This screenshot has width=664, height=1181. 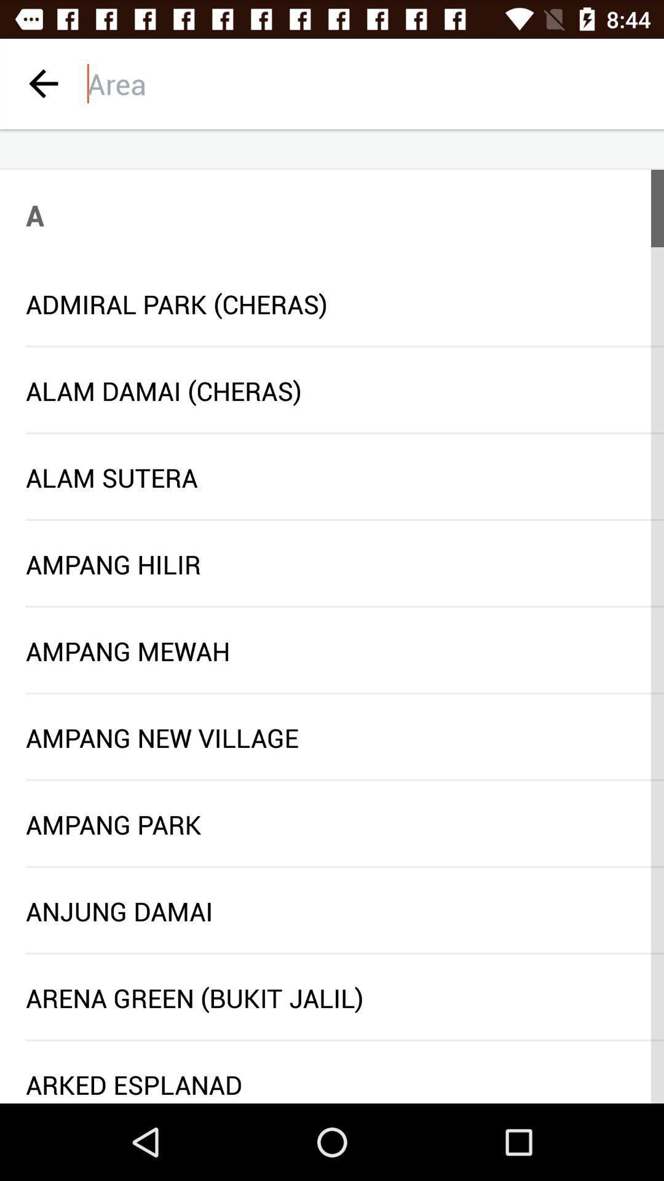 What do you see at coordinates (344, 779) in the screenshot?
I see `icon above the ampang park item` at bounding box center [344, 779].